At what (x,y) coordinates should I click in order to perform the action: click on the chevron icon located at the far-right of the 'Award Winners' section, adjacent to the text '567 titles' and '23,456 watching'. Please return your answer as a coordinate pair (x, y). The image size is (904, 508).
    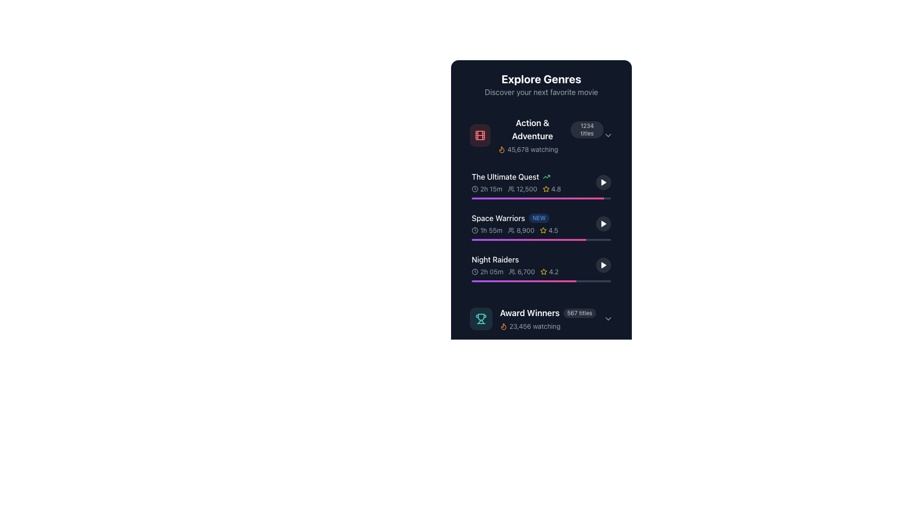
    Looking at the image, I should click on (608, 318).